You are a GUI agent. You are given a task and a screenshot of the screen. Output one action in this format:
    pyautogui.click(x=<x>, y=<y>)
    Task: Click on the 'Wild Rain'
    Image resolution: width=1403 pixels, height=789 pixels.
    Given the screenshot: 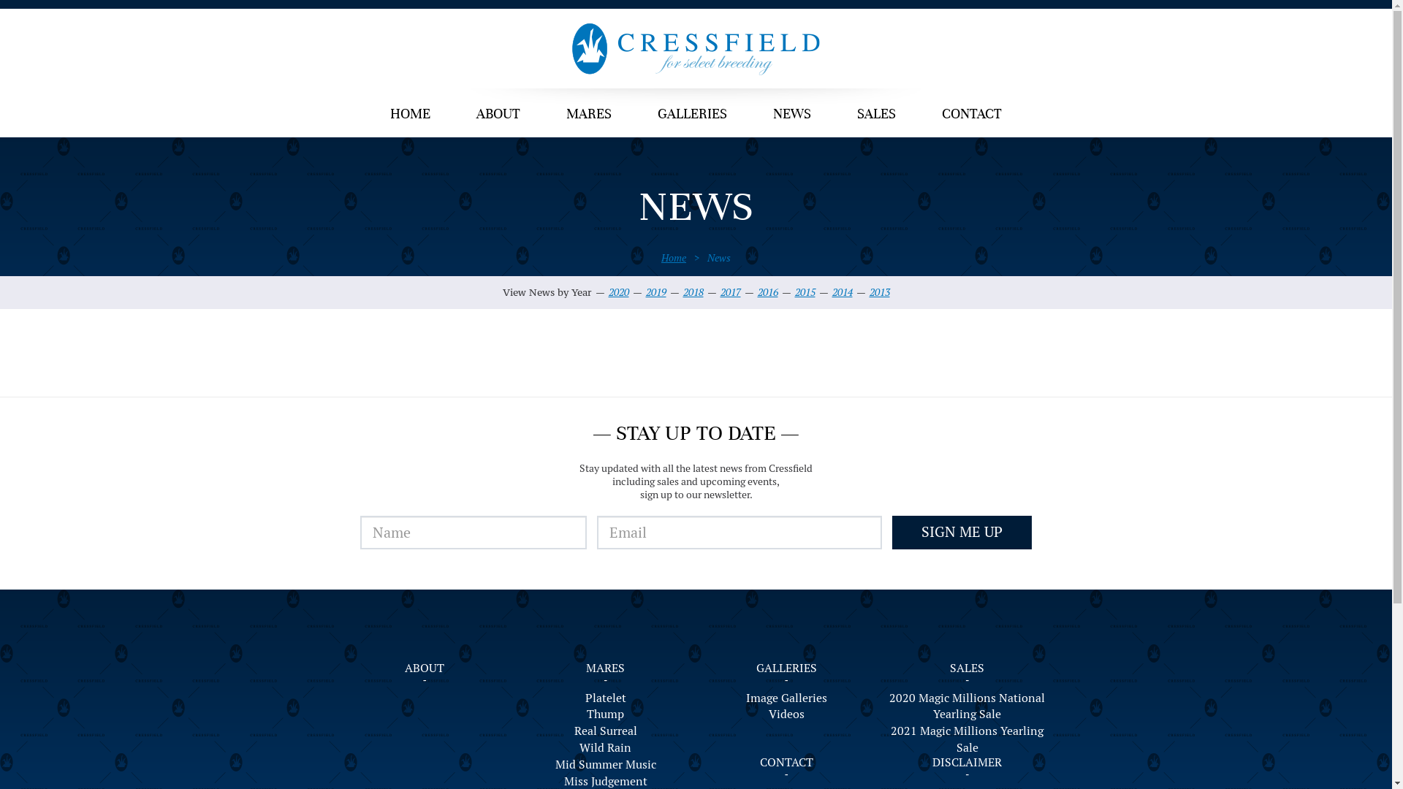 What is the action you would take?
    pyautogui.click(x=606, y=748)
    